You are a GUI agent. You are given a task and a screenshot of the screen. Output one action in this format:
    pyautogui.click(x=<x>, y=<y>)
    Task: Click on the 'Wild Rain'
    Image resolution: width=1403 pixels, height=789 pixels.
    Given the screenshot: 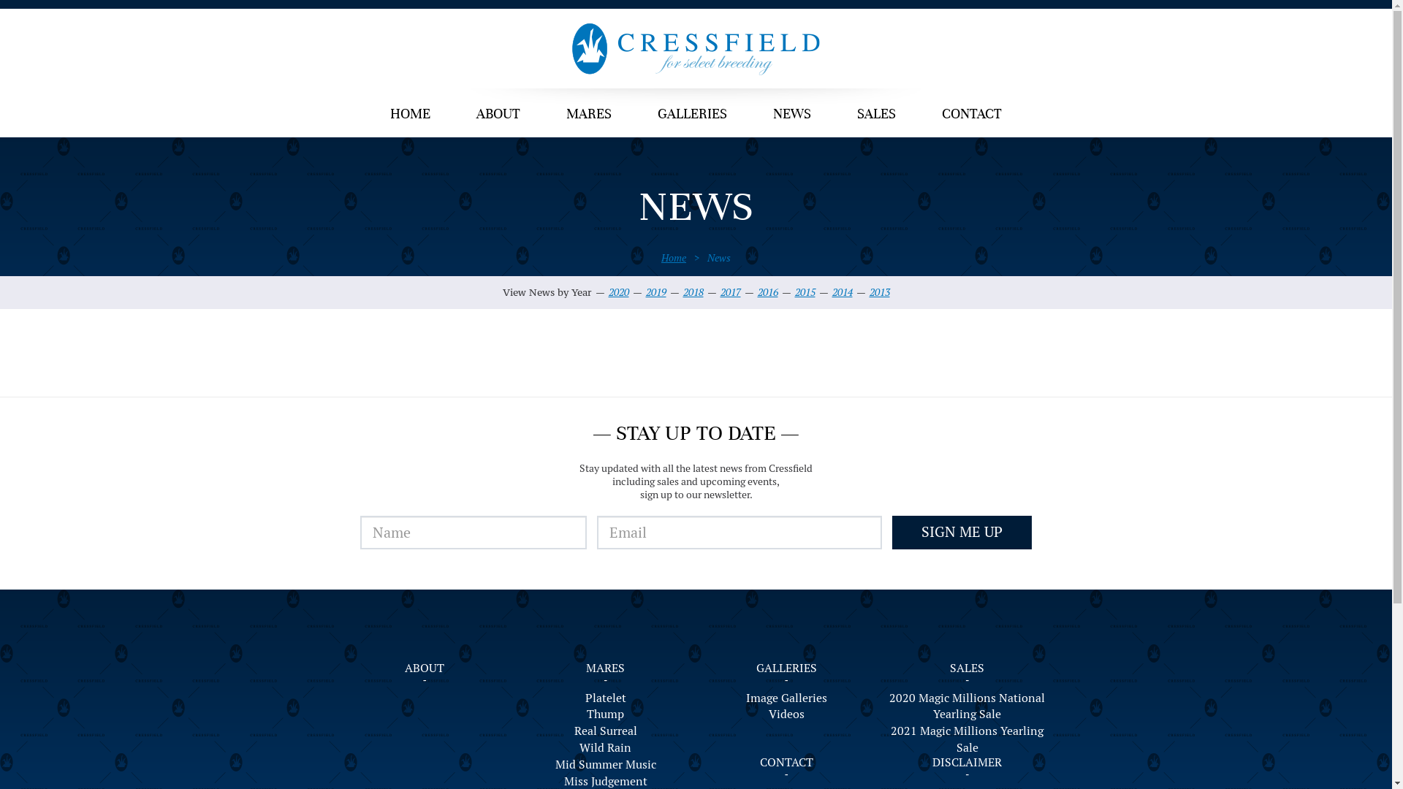 What is the action you would take?
    pyautogui.click(x=606, y=748)
    